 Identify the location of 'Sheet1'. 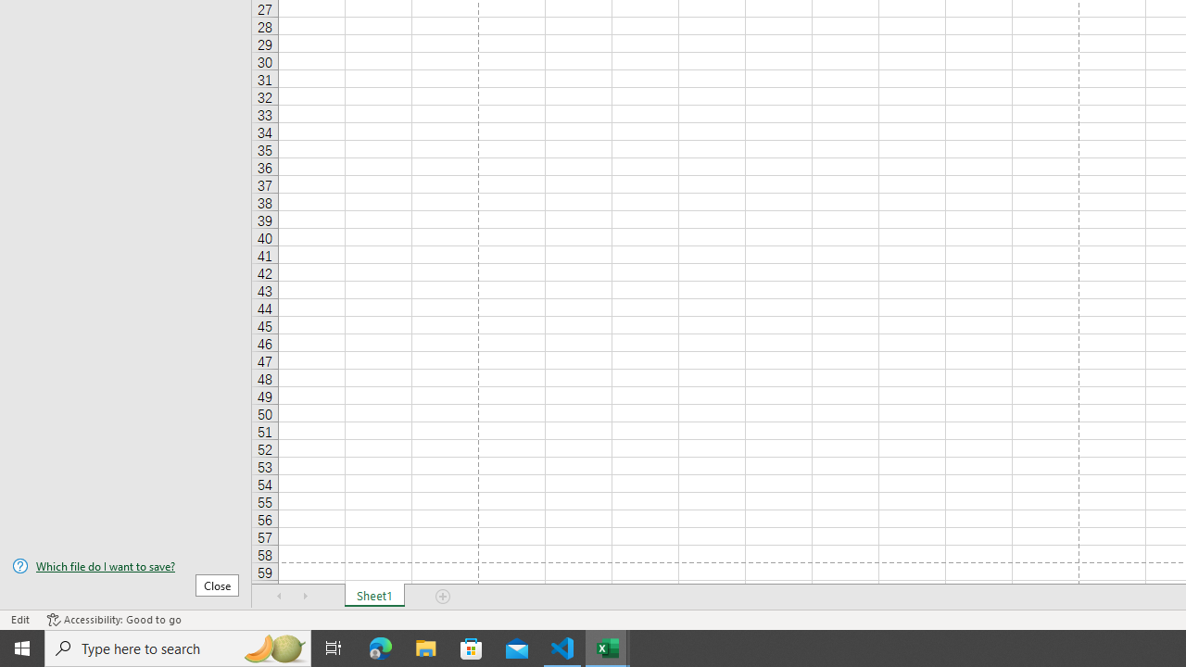
(373, 597).